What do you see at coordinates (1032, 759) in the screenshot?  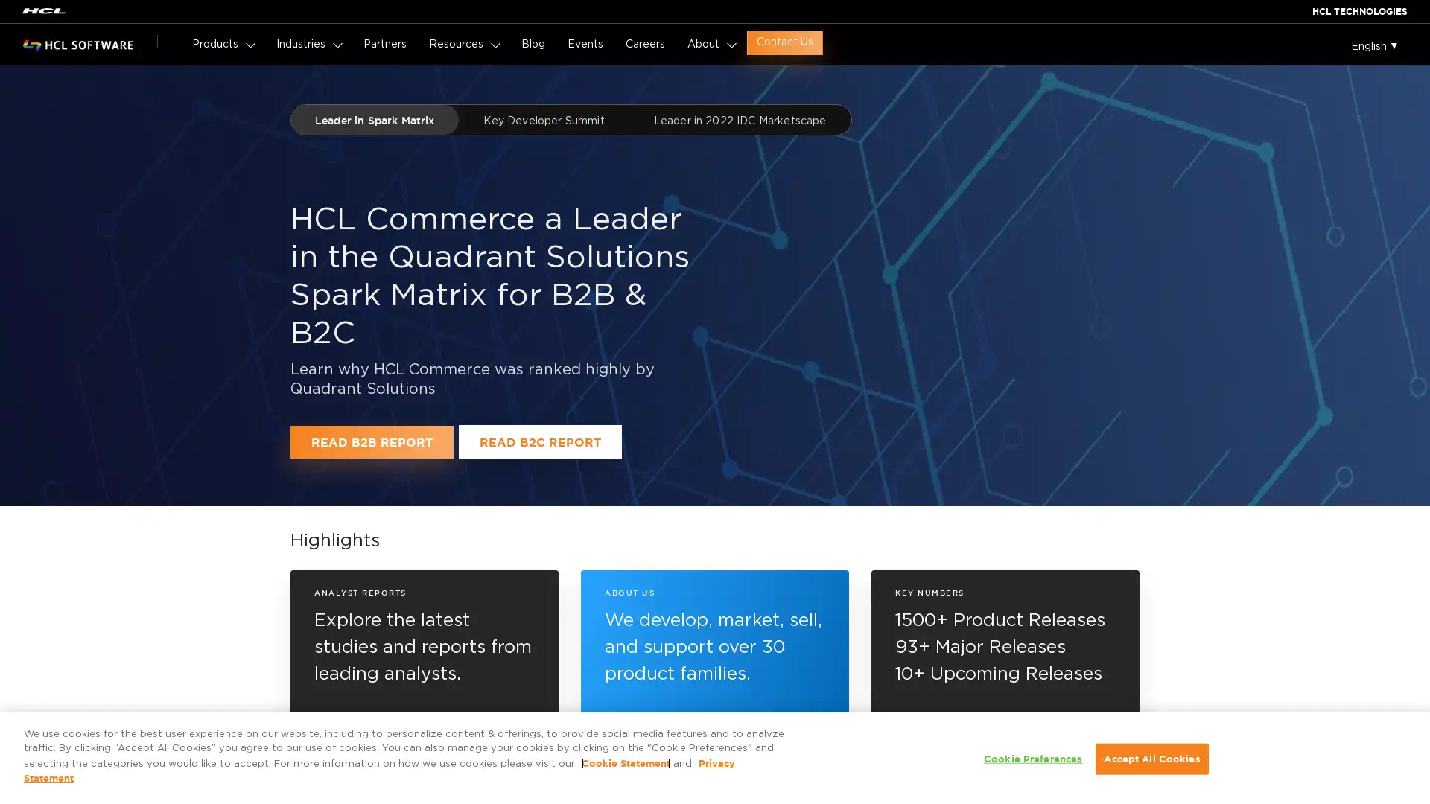 I see `Cookie Preferences` at bounding box center [1032, 759].